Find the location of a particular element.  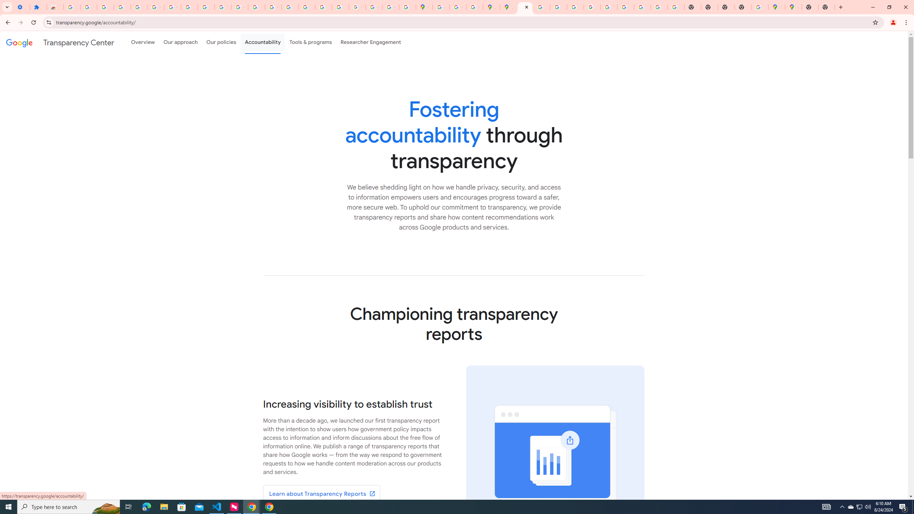

'Learn how to find your photos - Google Photos Help' is located at coordinates (105, 7).